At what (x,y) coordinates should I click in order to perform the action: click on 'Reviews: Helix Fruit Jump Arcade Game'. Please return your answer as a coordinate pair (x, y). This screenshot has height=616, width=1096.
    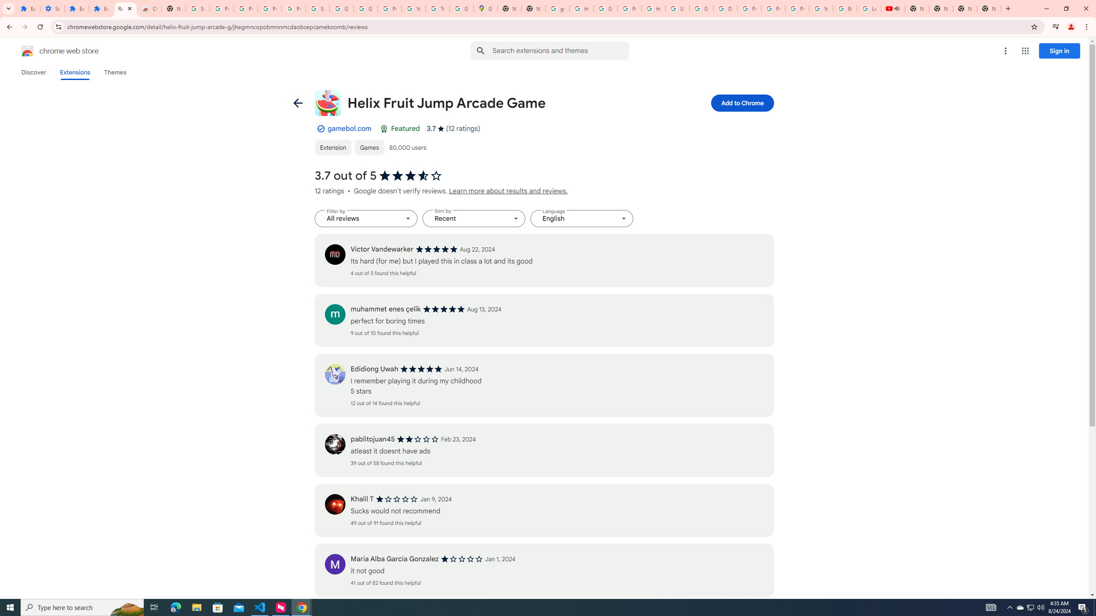
    Looking at the image, I should click on (125, 8).